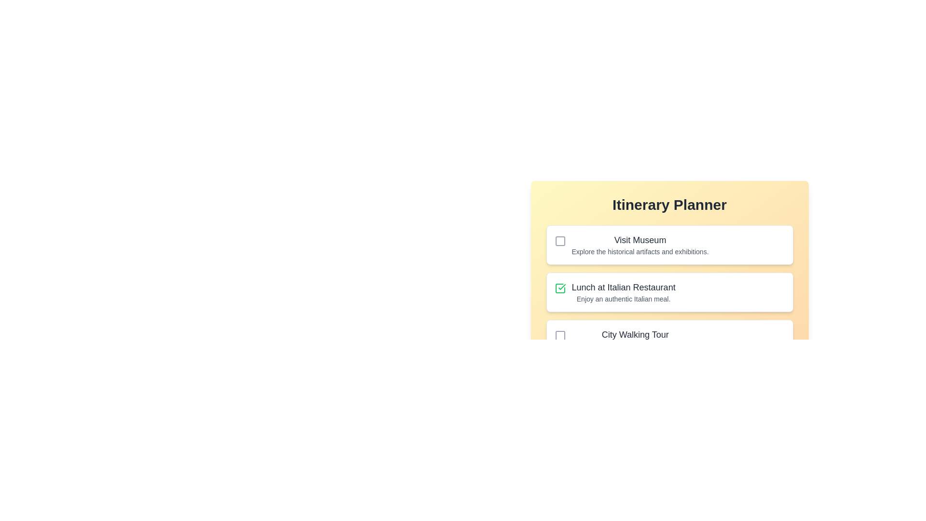  What do you see at coordinates (560, 335) in the screenshot?
I see `the checkbox located in the third card of the itinerary list, to the left of the 'City Walking Tour' text` at bounding box center [560, 335].